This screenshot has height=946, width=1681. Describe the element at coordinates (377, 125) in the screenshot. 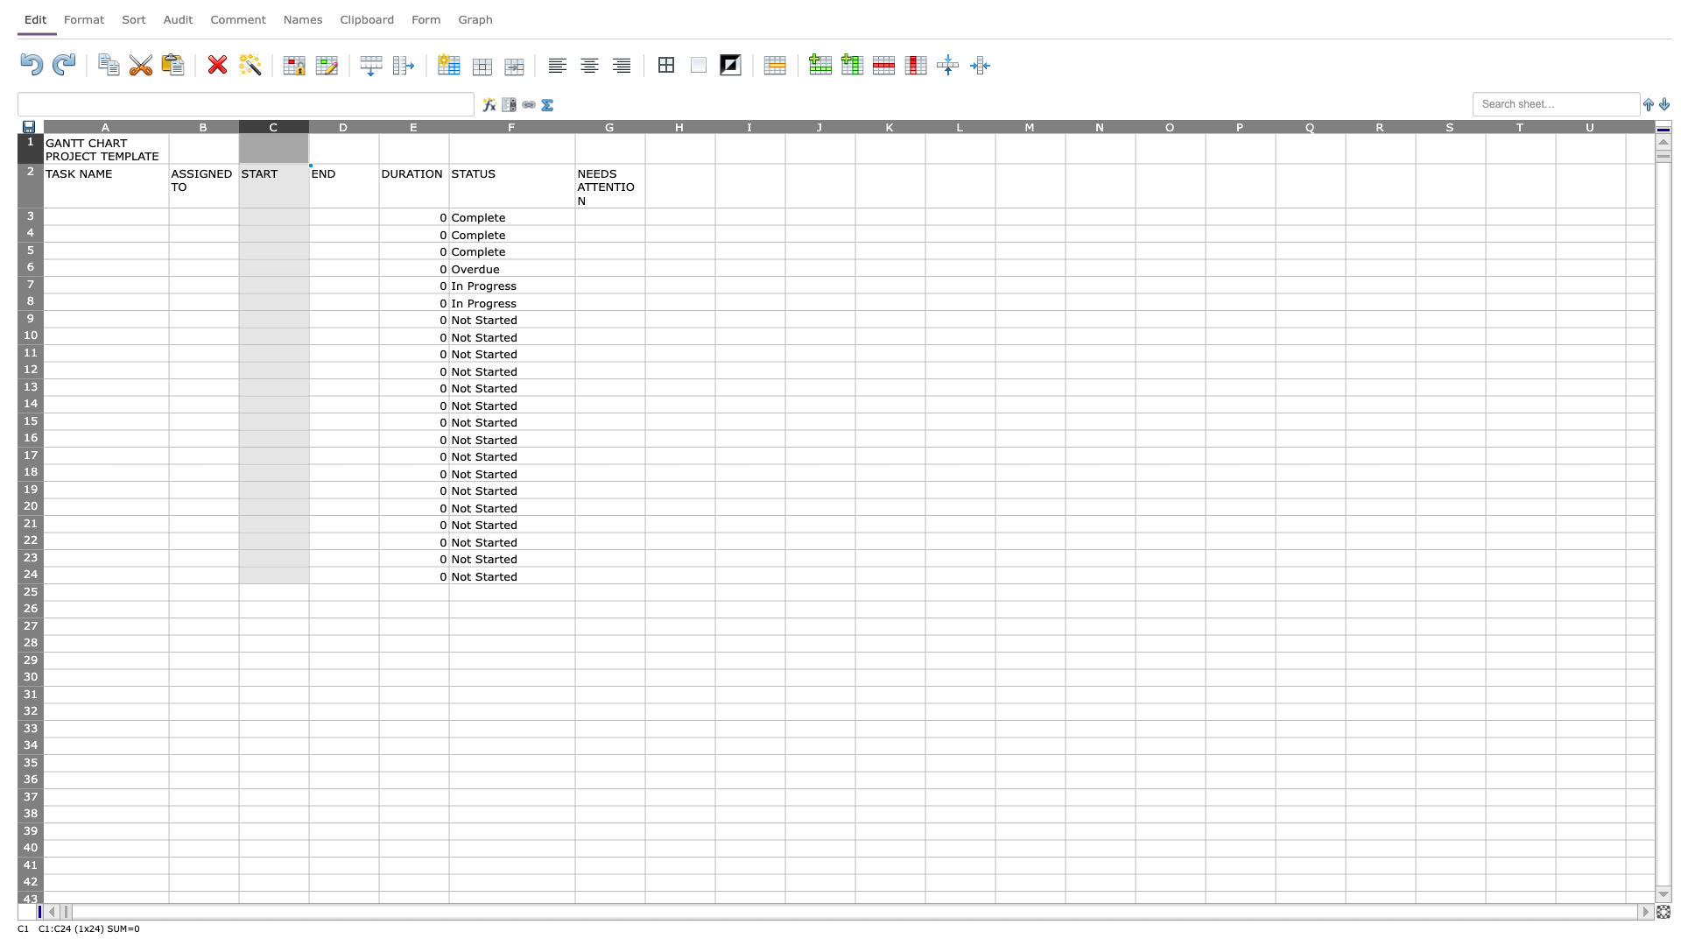

I see `the right edge of column D to resize` at that location.